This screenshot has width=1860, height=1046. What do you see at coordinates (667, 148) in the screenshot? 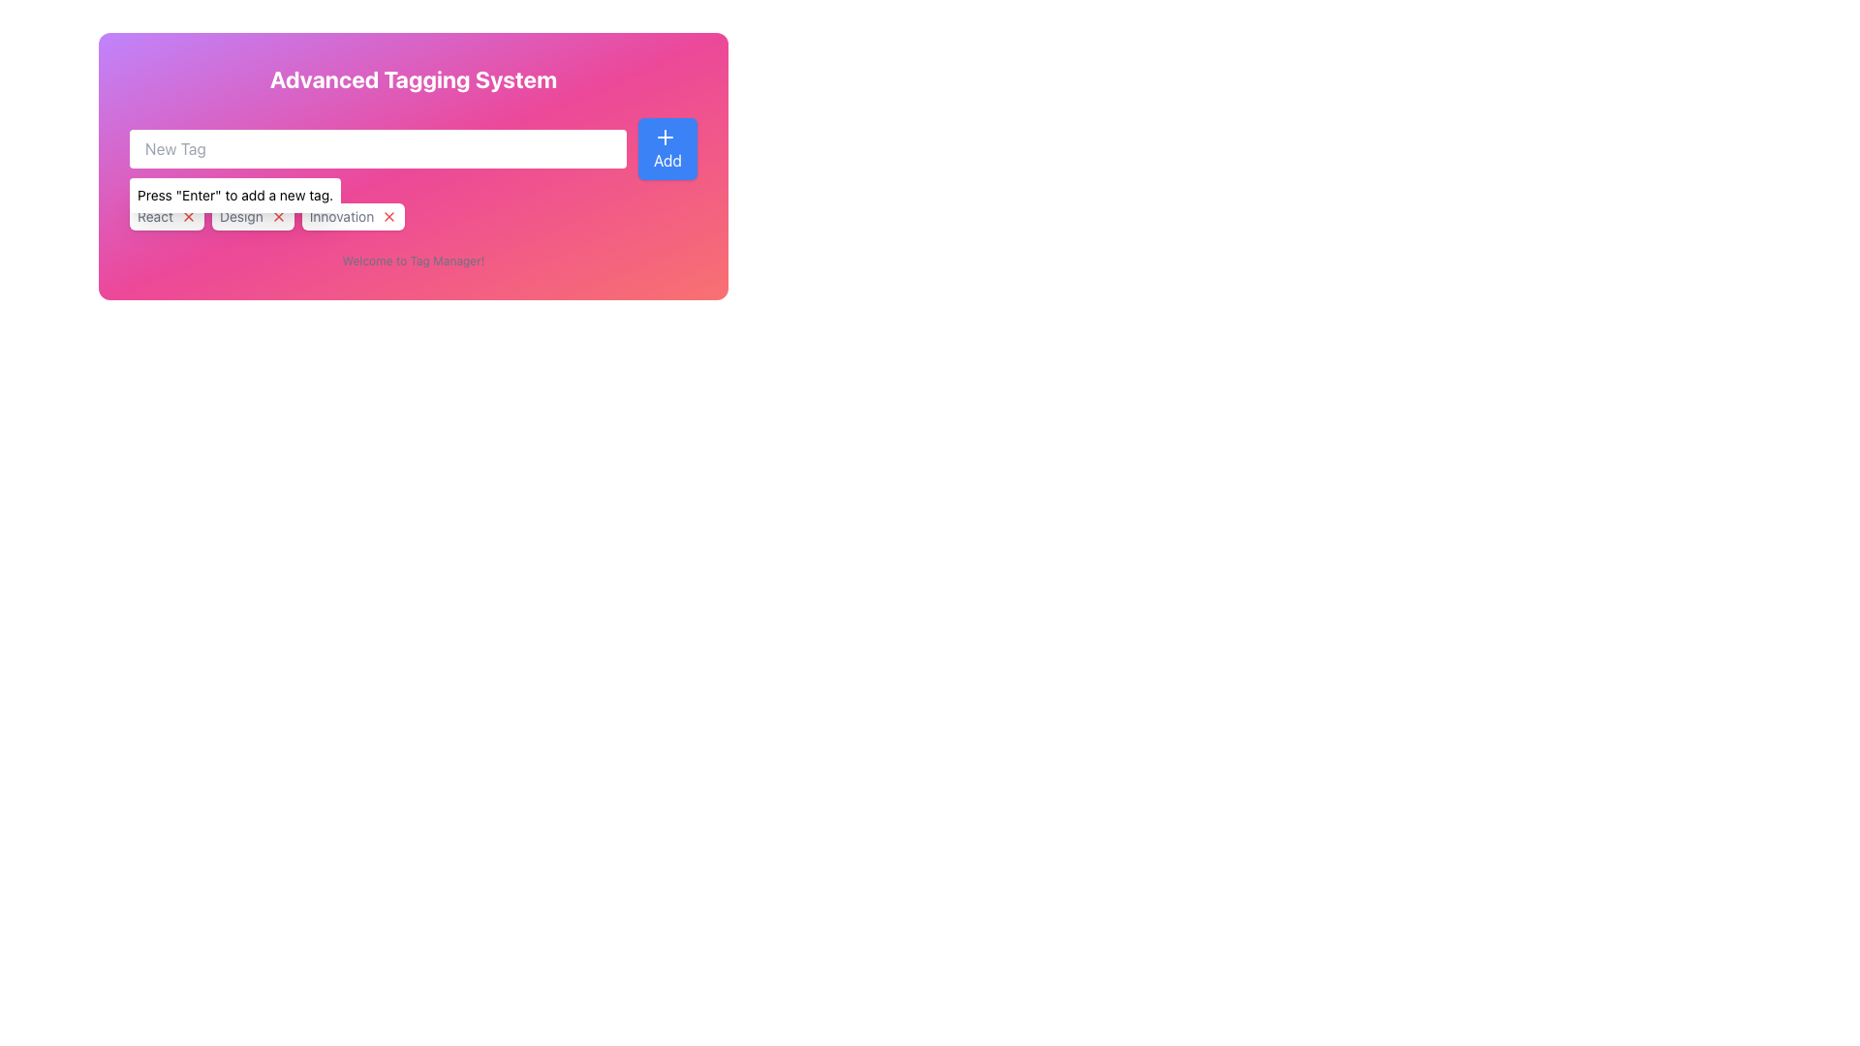
I see `the blue 'Add' button with a white plus icon` at bounding box center [667, 148].